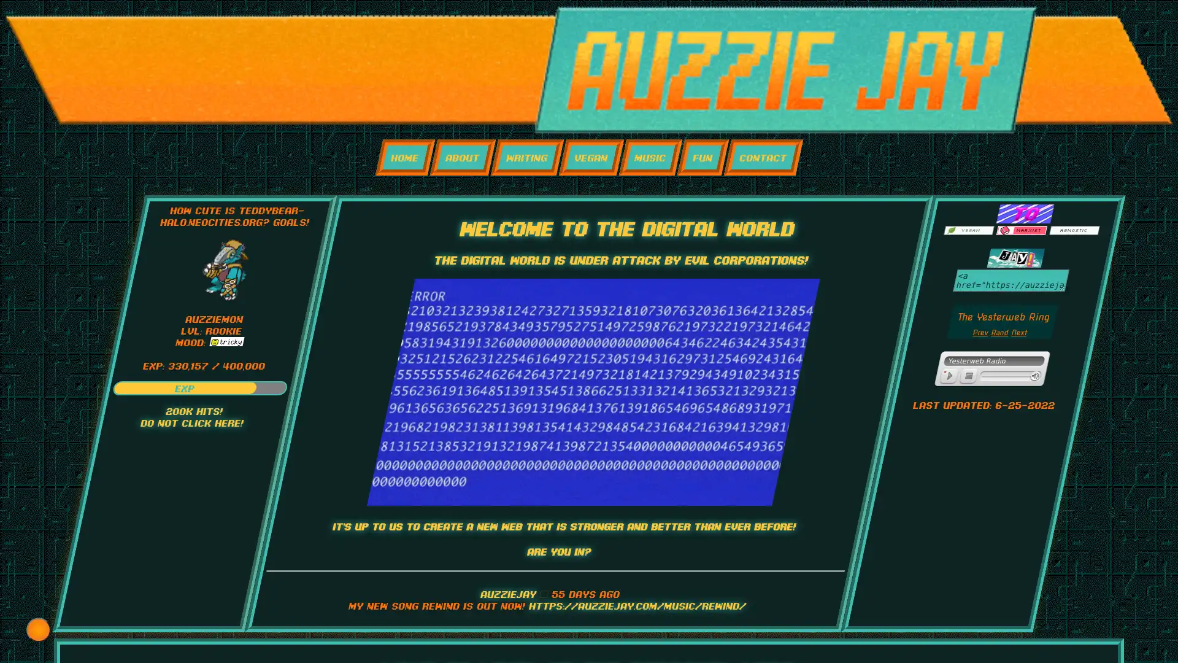  Describe the element at coordinates (703, 157) in the screenshot. I see `FUN` at that location.